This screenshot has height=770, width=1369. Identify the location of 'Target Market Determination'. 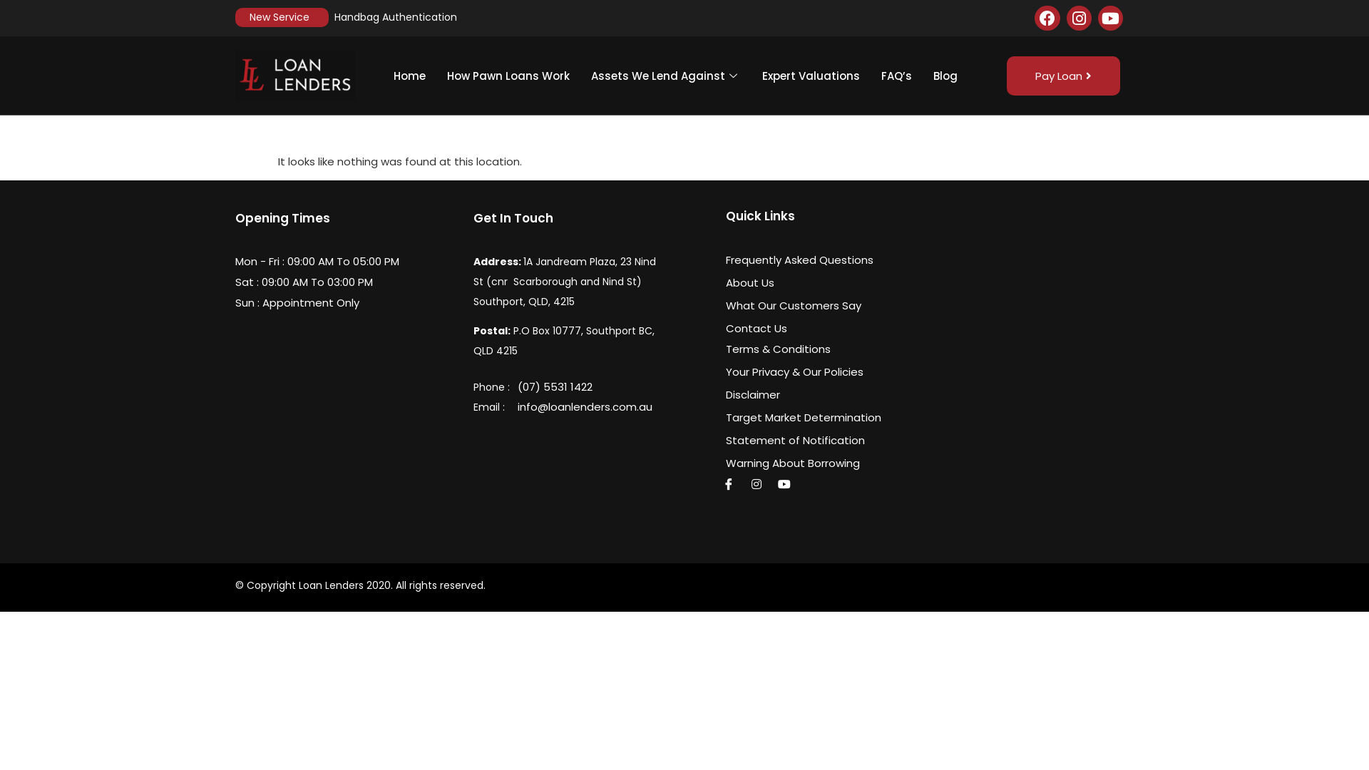
(725, 417).